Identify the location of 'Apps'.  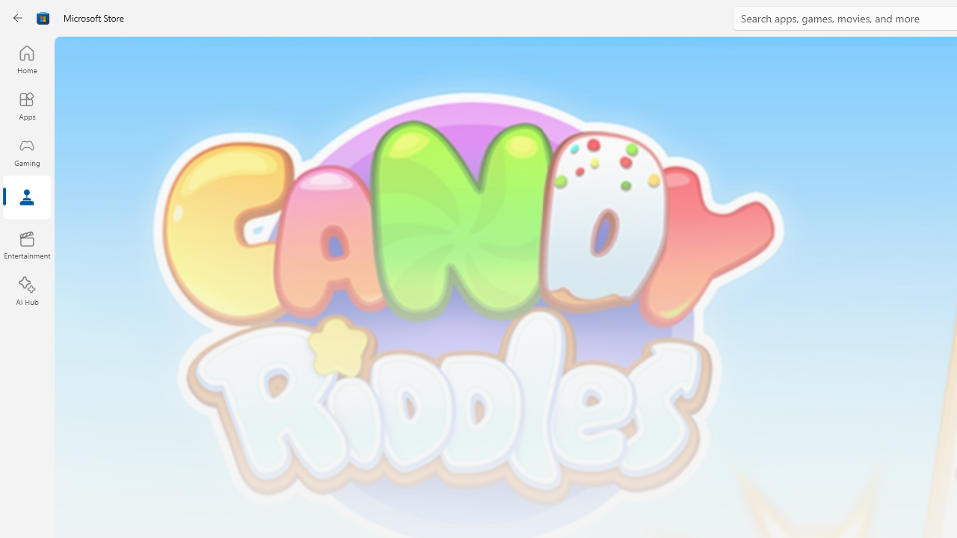
(26, 105).